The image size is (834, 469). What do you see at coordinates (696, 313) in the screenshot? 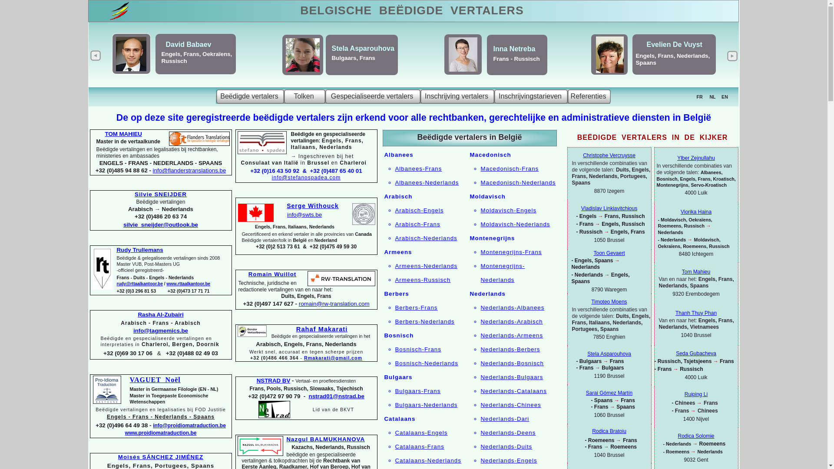
I see `'Thanh Thuy Phan'` at bounding box center [696, 313].